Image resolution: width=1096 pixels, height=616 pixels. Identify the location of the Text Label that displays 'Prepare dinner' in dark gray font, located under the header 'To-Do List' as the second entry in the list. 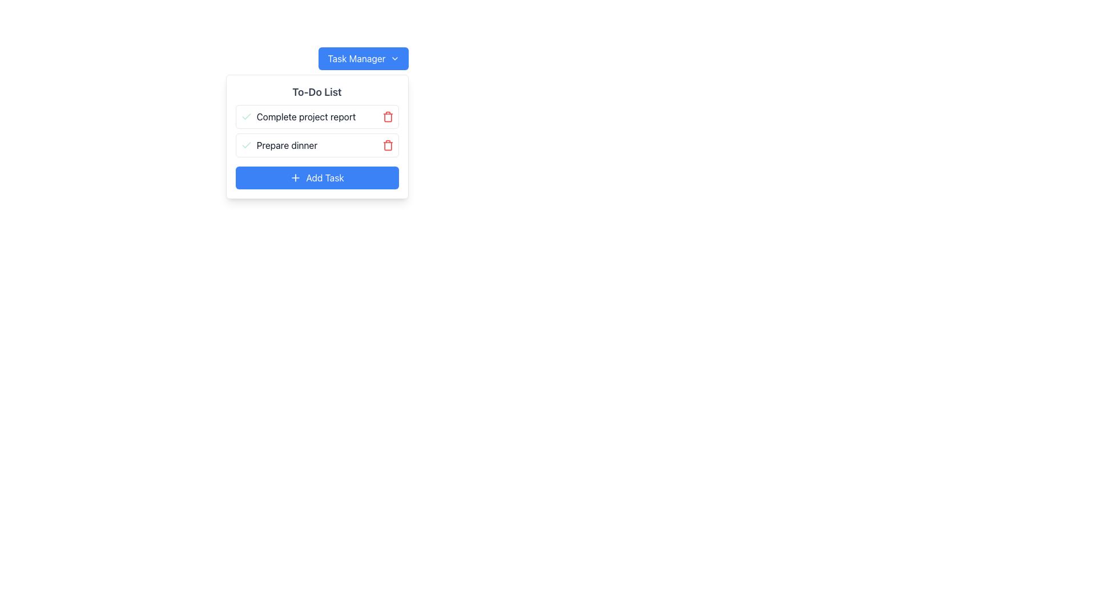
(287, 144).